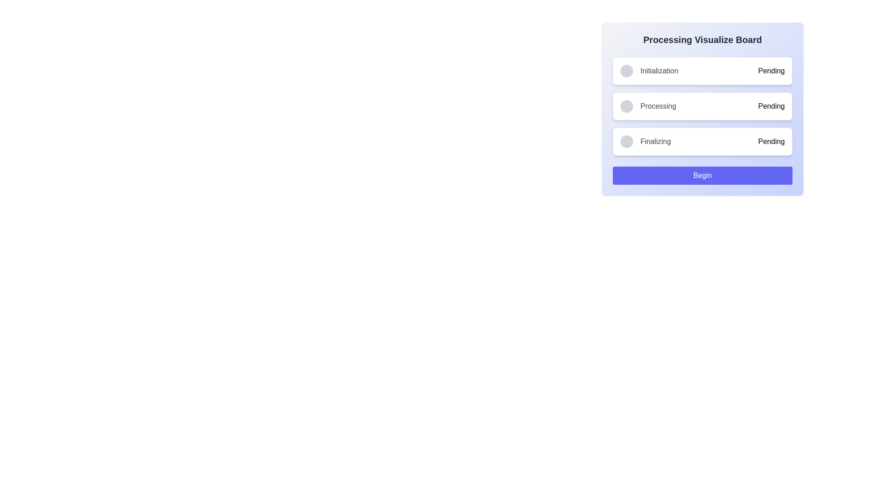 Image resolution: width=869 pixels, height=489 pixels. Describe the element at coordinates (702, 176) in the screenshot. I see `the button located at the bottom of the 'Processing Visualize Board' panel to change its color` at that location.